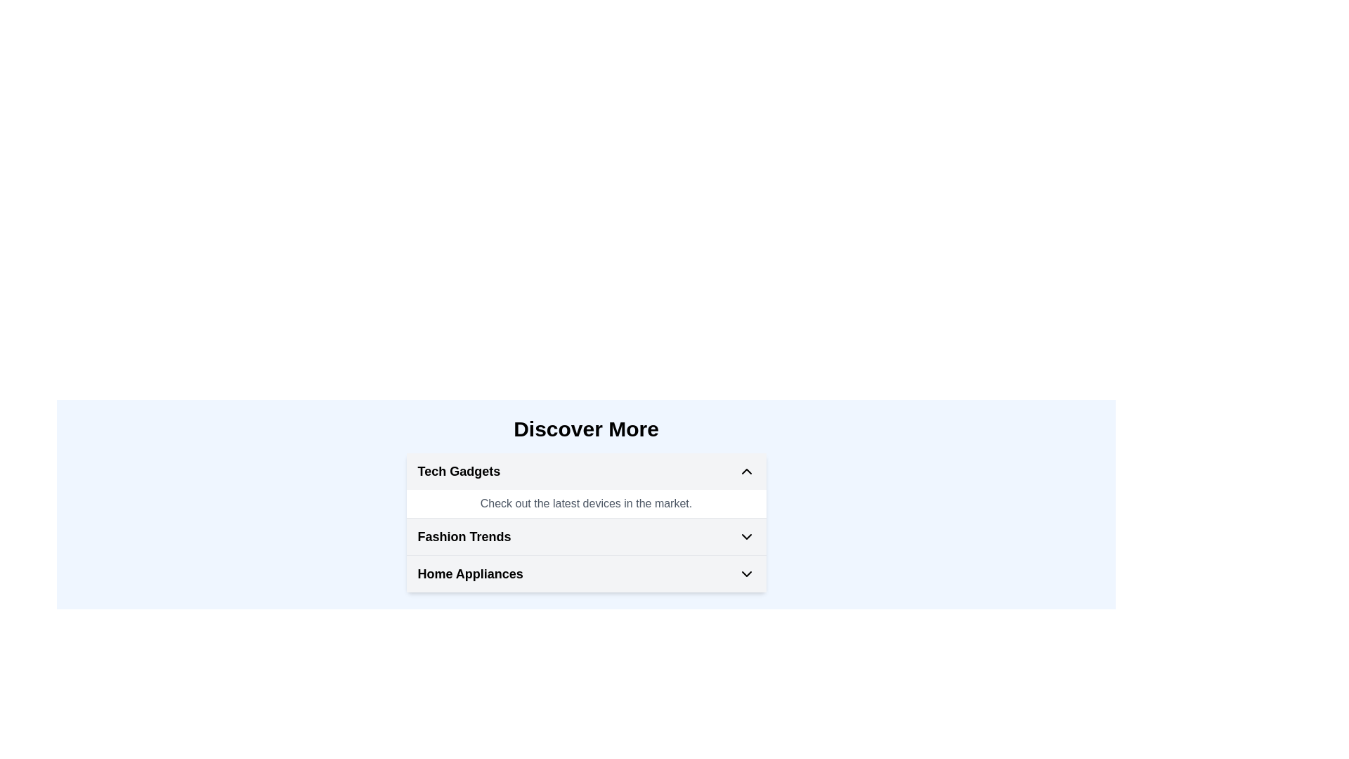  What do you see at coordinates (745, 536) in the screenshot?
I see `the downward-pointing chevron icon located at the right side of the 'Fashion Trends' label` at bounding box center [745, 536].